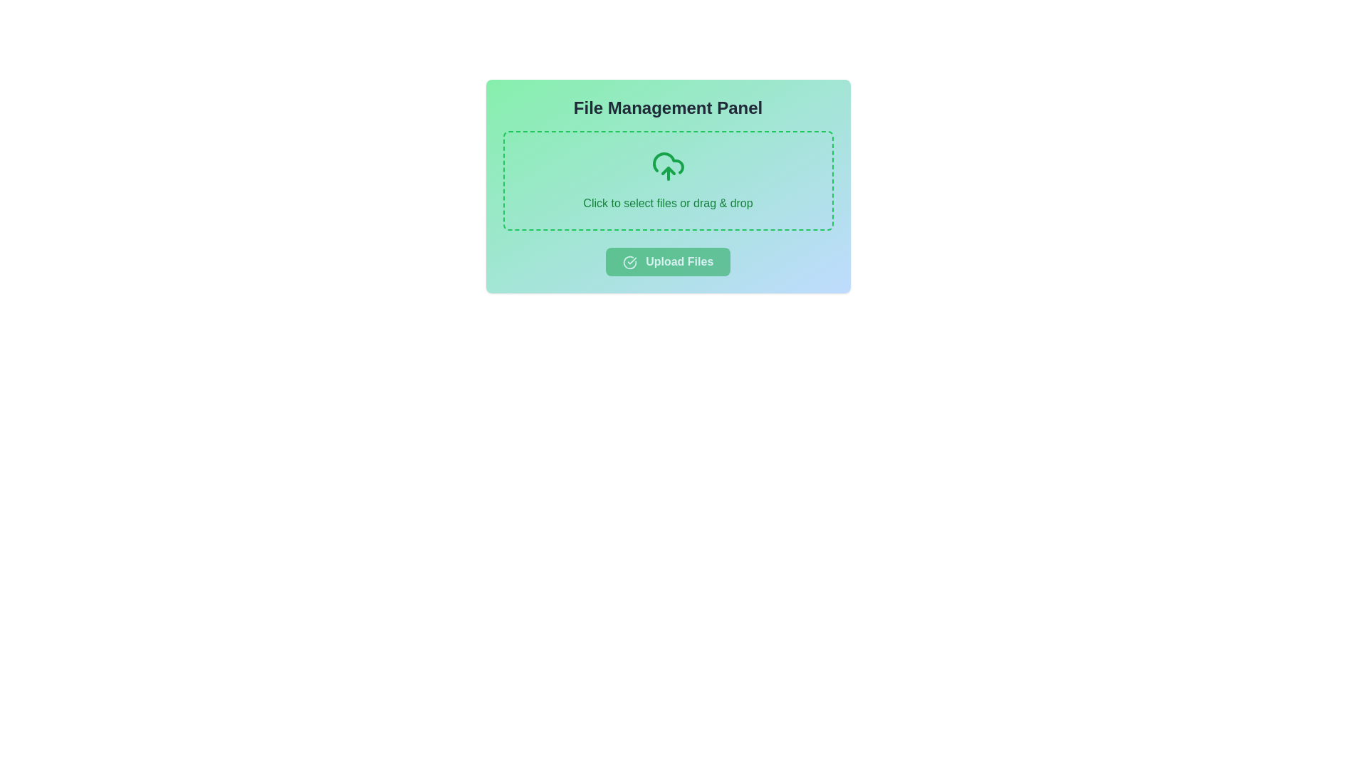 The image size is (1367, 769). Describe the element at coordinates (667, 180) in the screenshot. I see `the Dropzone element, which is a rectangular area with a green dashed border and a cloud icon with an upload arrow` at that location.